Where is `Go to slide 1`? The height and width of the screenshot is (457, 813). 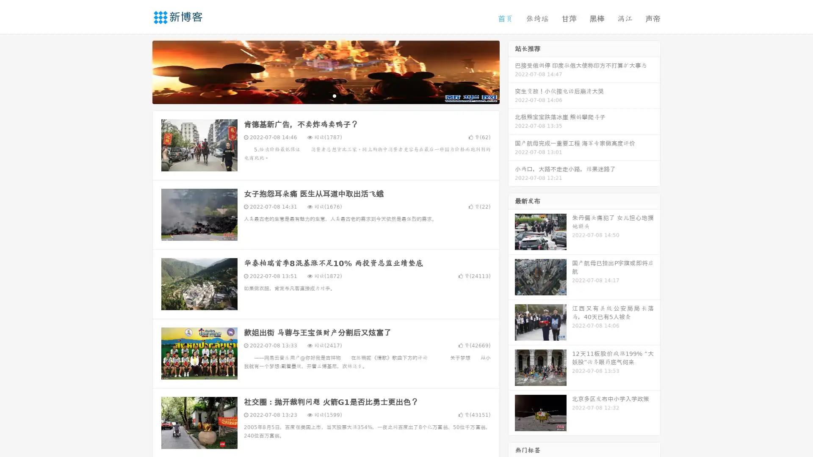
Go to slide 1 is located at coordinates (317, 95).